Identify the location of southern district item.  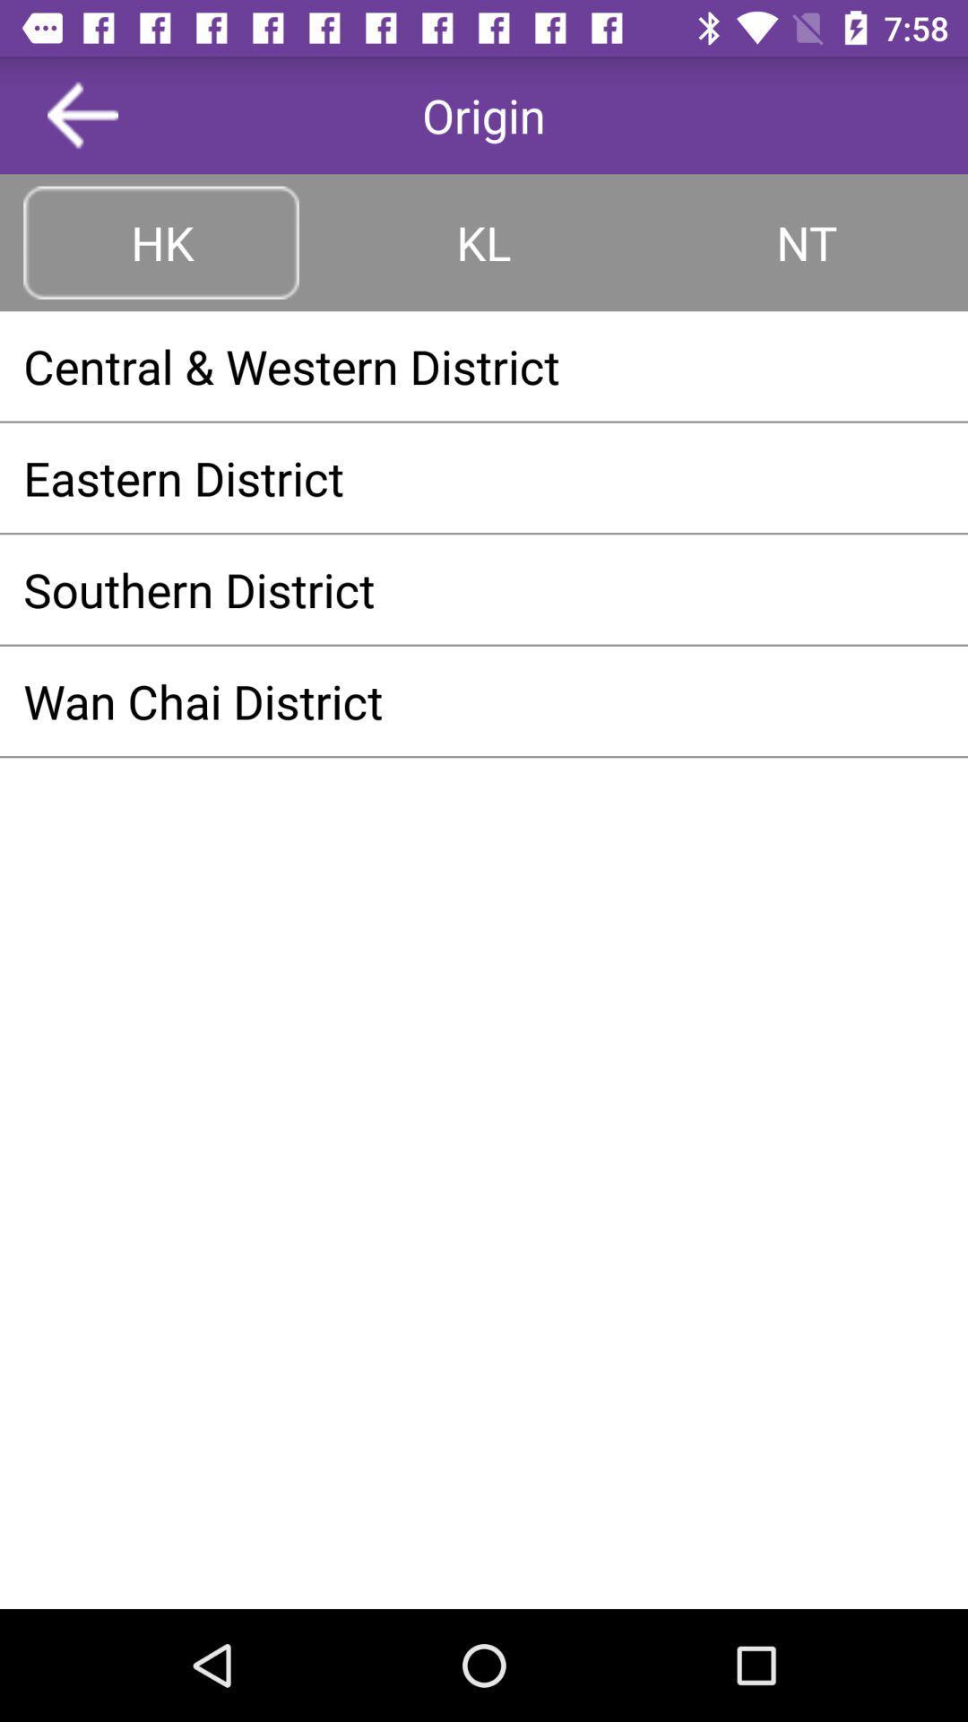
(484, 589).